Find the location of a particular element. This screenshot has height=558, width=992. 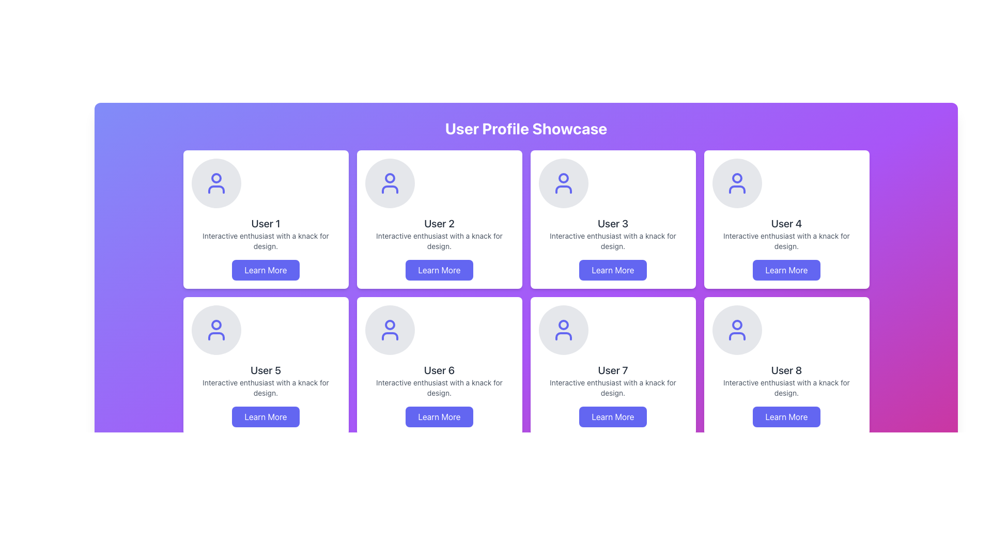

the circular user profile icon with a gray background and indigo-colored silhouette, located at the top-left area of the card for 'User 2' is located at coordinates (389, 182).